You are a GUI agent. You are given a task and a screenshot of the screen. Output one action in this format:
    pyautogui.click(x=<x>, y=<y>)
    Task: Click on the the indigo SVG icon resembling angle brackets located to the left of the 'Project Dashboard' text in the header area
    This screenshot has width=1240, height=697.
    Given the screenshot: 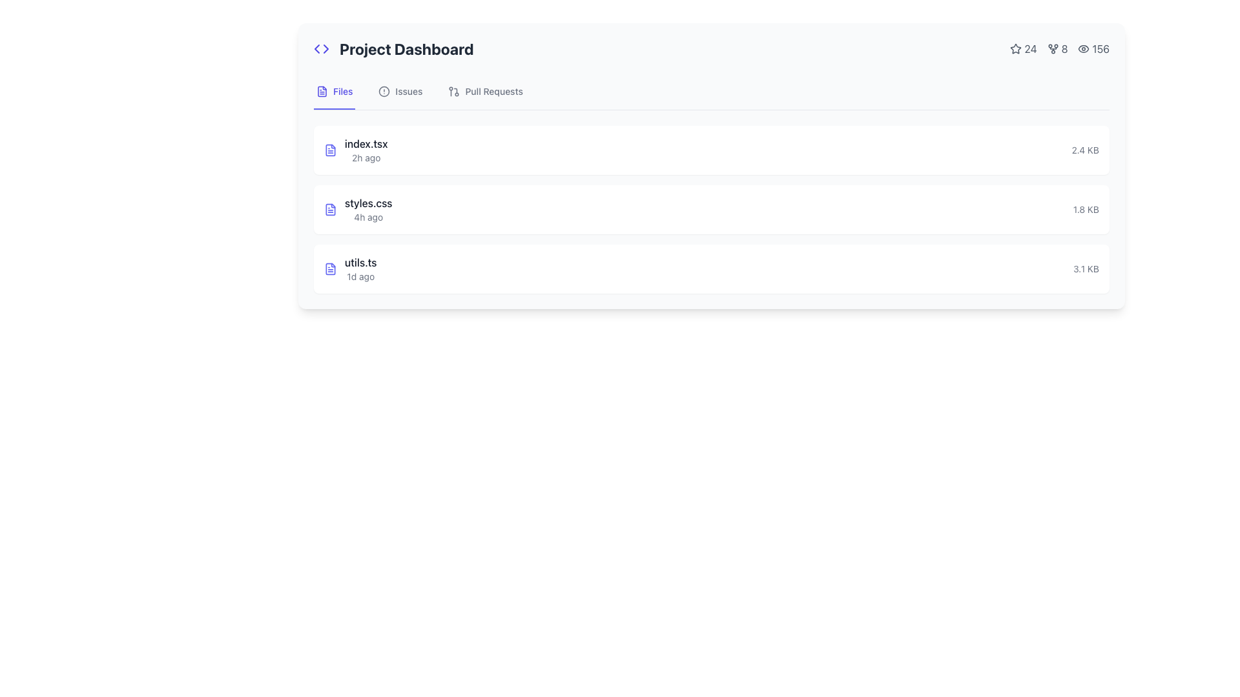 What is the action you would take?
    pyautogui.click(x=322, y=48)
    